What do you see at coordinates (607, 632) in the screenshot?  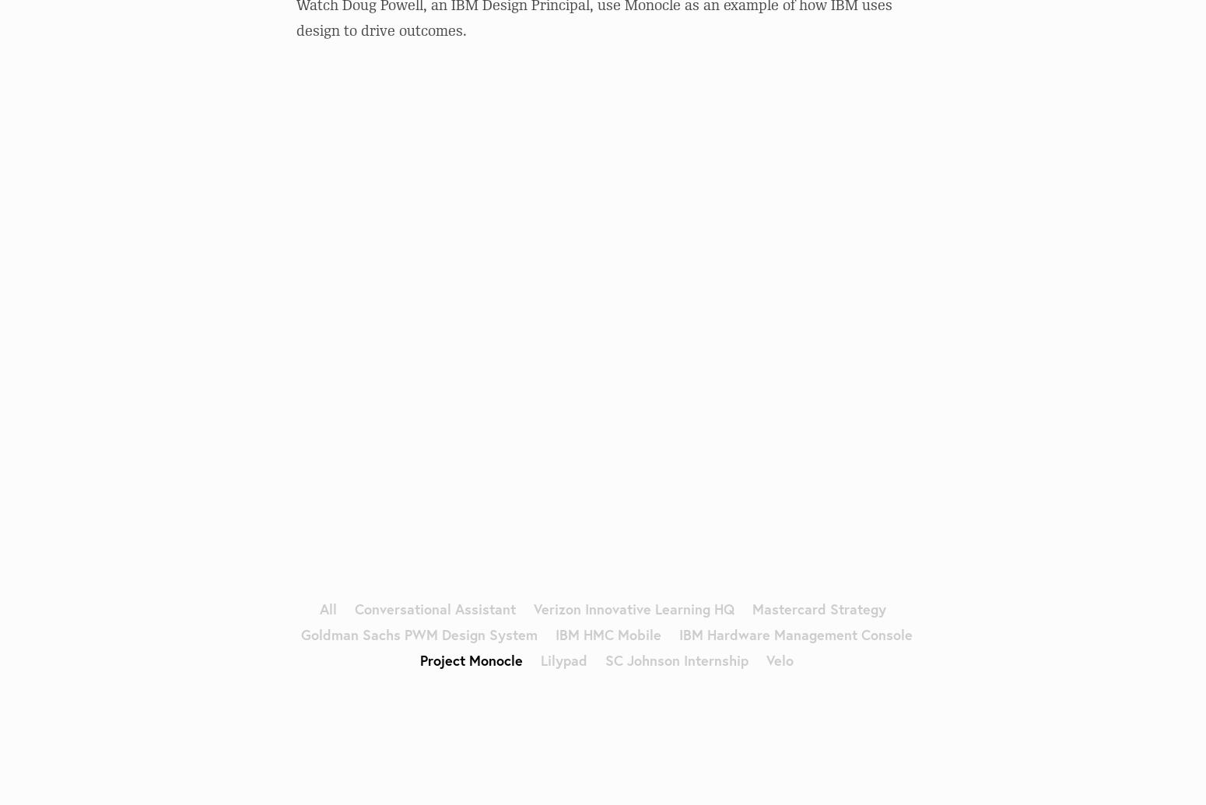 I see `'IBM HMC Mobile'` at bounding box center [607, 632].